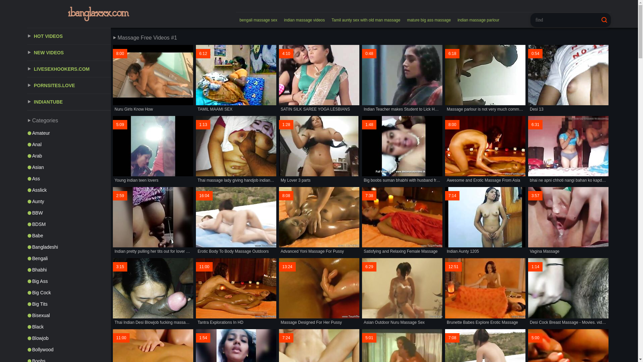 The height and width of the screenshot is (362, 643). I want to click on '0:48, so click(402, 78).